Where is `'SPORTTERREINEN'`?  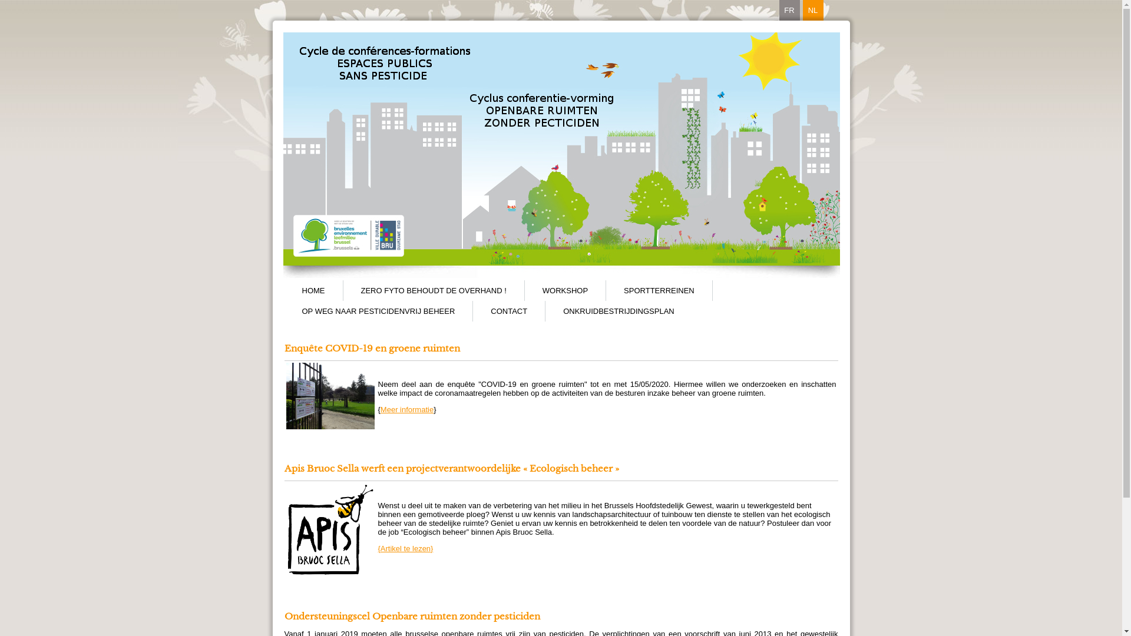
'SPORTTERREINEN' is located at coordinates (623, 290).